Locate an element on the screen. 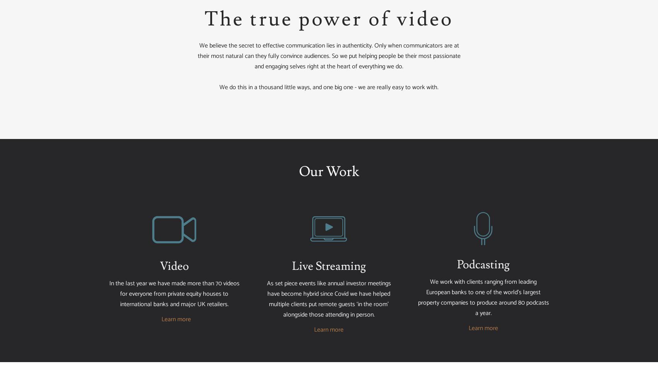  'We believe the secret to effective communication lies in authenticity. Only when communicators are at their most natural can they fully convince audiences. So we put helping people be their most passionate and engaging selves right at the heart of everything we do.' is located at coordinates (328, 56).